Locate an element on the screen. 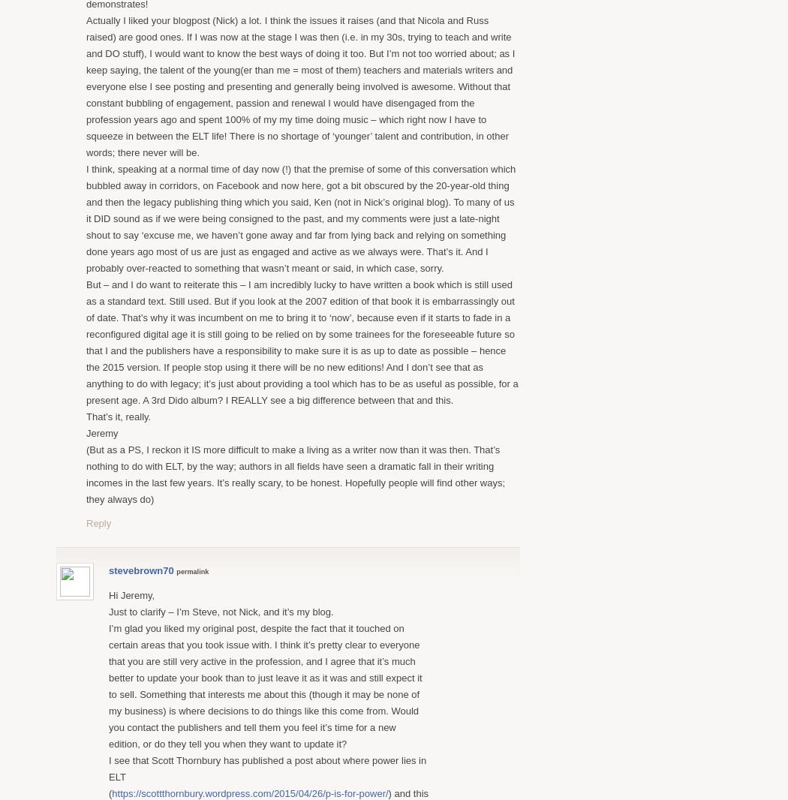  'I see that Scott Thornbury has published a post about where power lies in ELT' is located at coordinates (266, 768).